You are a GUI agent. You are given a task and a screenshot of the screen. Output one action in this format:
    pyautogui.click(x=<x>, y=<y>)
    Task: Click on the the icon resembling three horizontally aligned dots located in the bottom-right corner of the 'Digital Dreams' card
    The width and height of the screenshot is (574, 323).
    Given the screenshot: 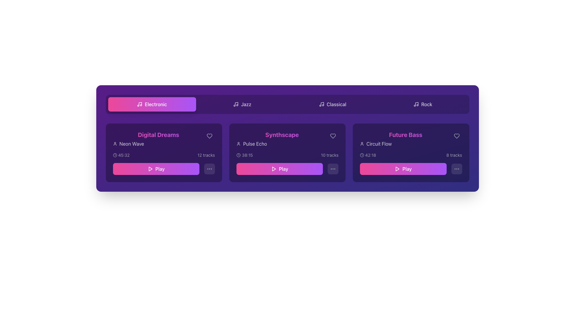 What is the action you would take?
    pyautogui.click(x=209, y=169)
    